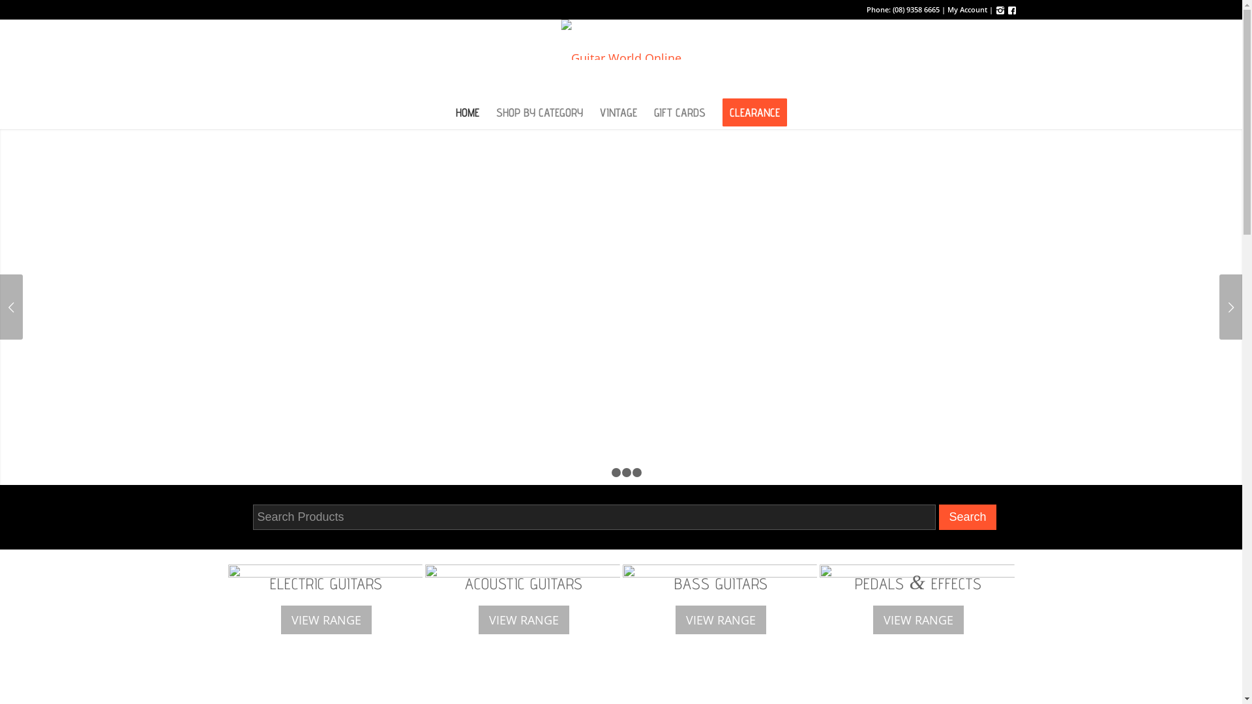 Image resolution: width=1252 pixels, height=704 pixels. I want to click on '2', so click(610, 473).